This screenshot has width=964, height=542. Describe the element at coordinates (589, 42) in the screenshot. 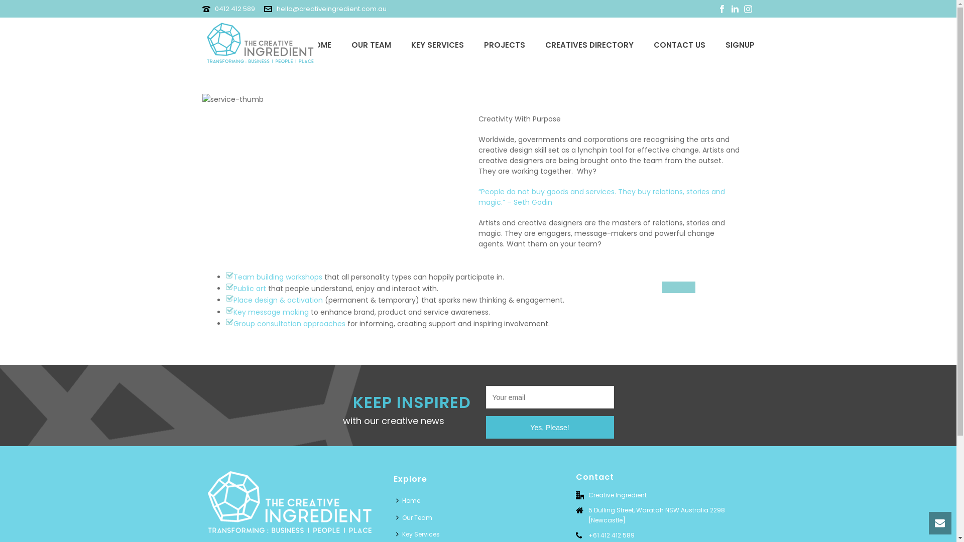

I see `'CREATIVES DIRECTORY'` at that location.